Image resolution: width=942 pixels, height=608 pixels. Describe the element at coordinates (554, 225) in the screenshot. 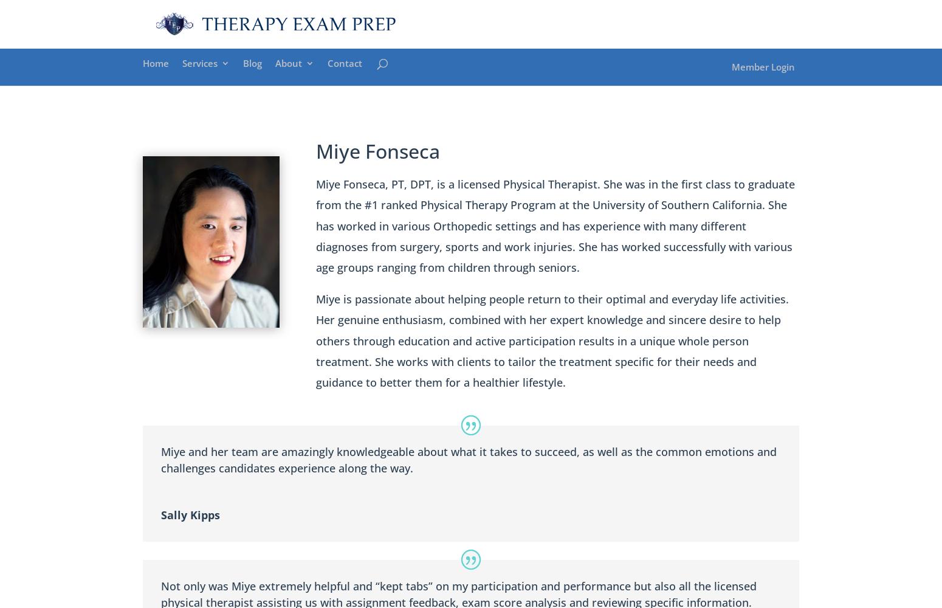

I see `'Miye Fonseca, PT, DPT, is a licensed Physical Therapist. She was in the first class to graduate from the #1 ranked Physical Therapy Program at the University of Southern California. She has worked in various Orthopedic settings and has experience with many different diagnoses from surgery, sports and work injuries. She has worked successfully with various age groups ranging from children through seniors.'` at that location.